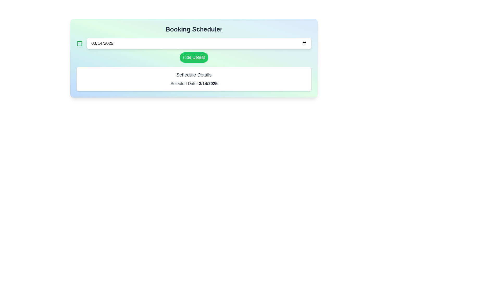 The width and height of the screenshot is (500, 281). I want to click on the toggle button located near the top center of the 'Booking Scheduler' interface, so click(193, 57).